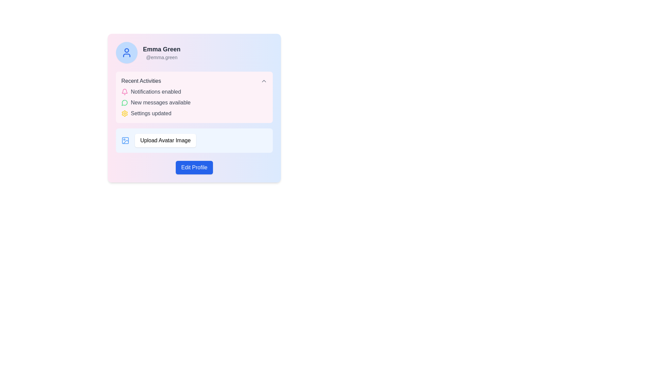  What do you see at coordinates (126, 50) in the screenshot?
I see `the blue filled SVG circle graphical element representing the user's head, located inside the profile icon at the top left section of the interface card` at bounding box center [126, 50].